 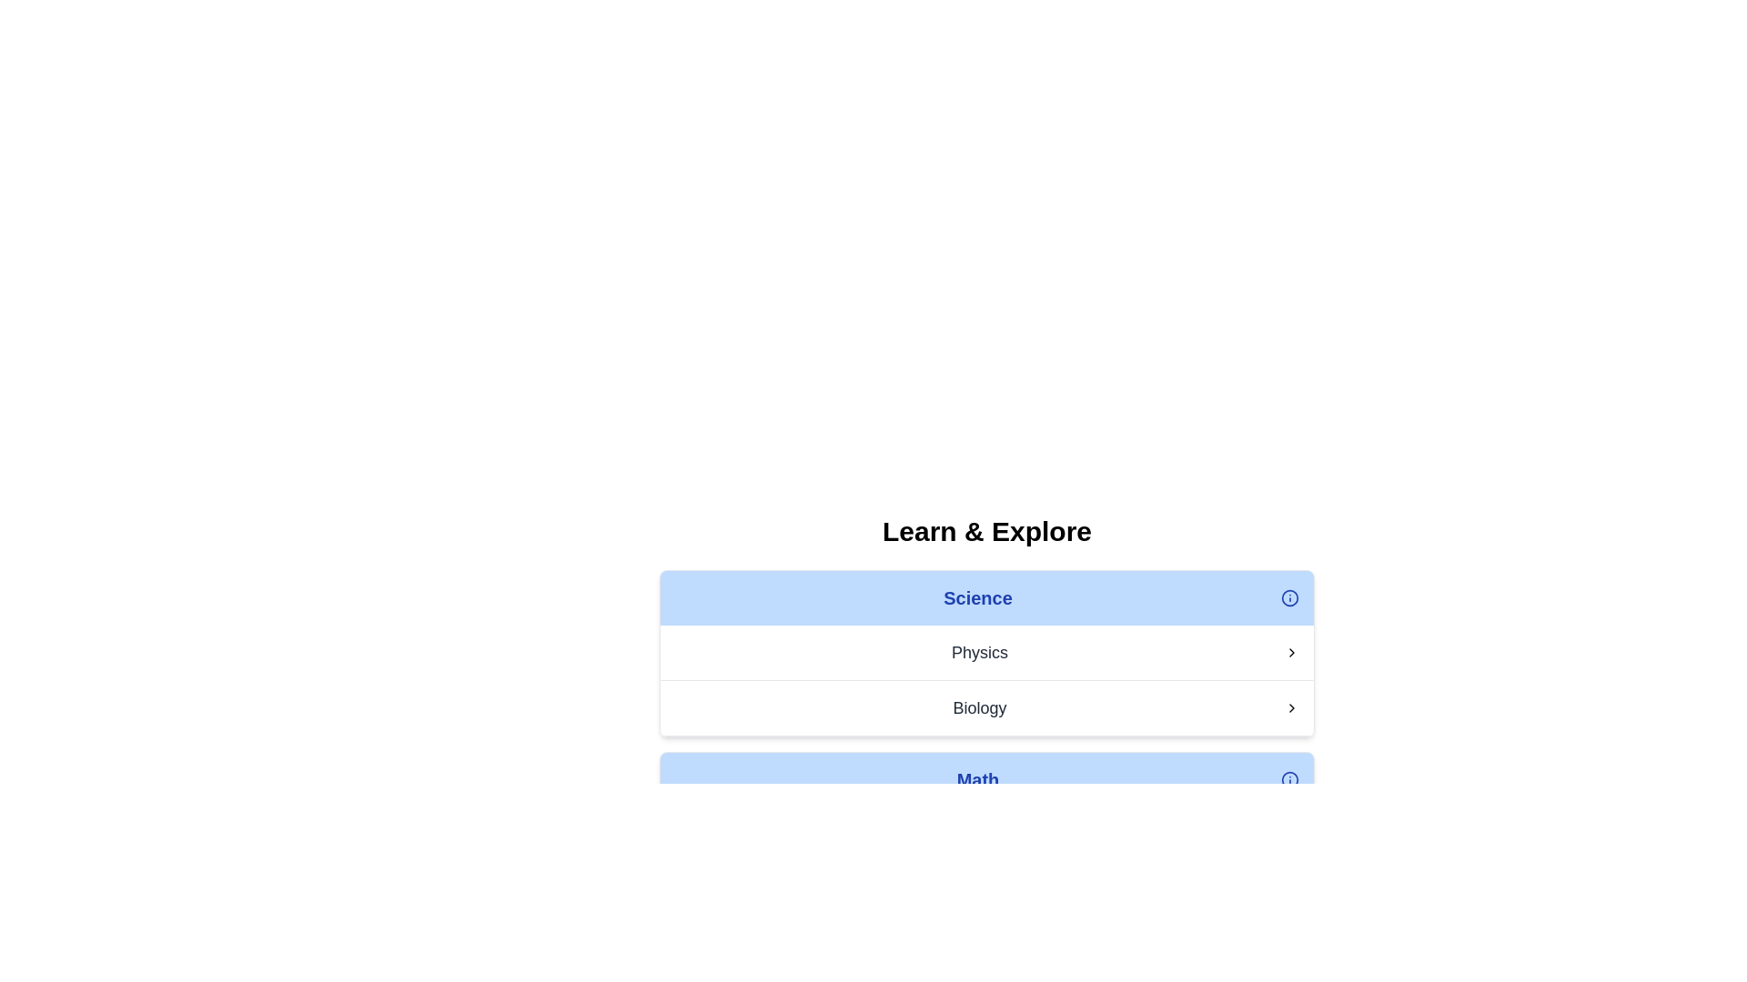 What do you see at coordinates (985, 778) in the screenshot?
I see `the first clickable button related to 'Math'` at bounding box center [985, 778].